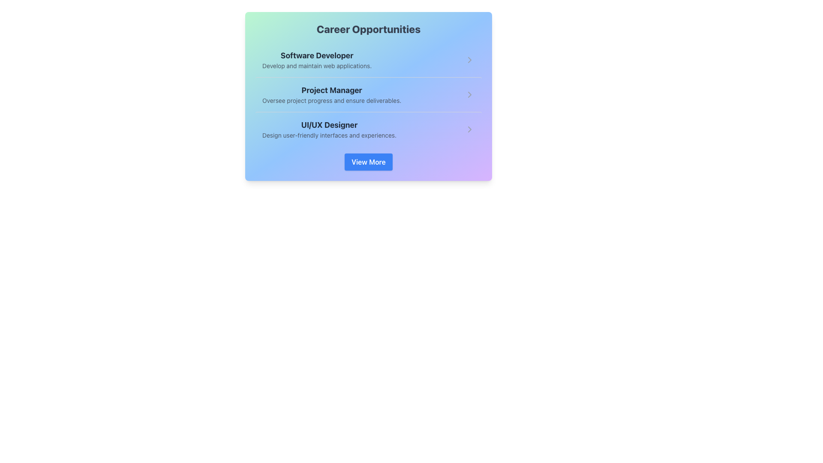  Describe the element at coordinates (368, 129) in the screenshot. I see `the List item element titled 'UI/UX Designer' which contains a bold title and descriptive text, located as the third item under 'Career Opportunities'` at that location.